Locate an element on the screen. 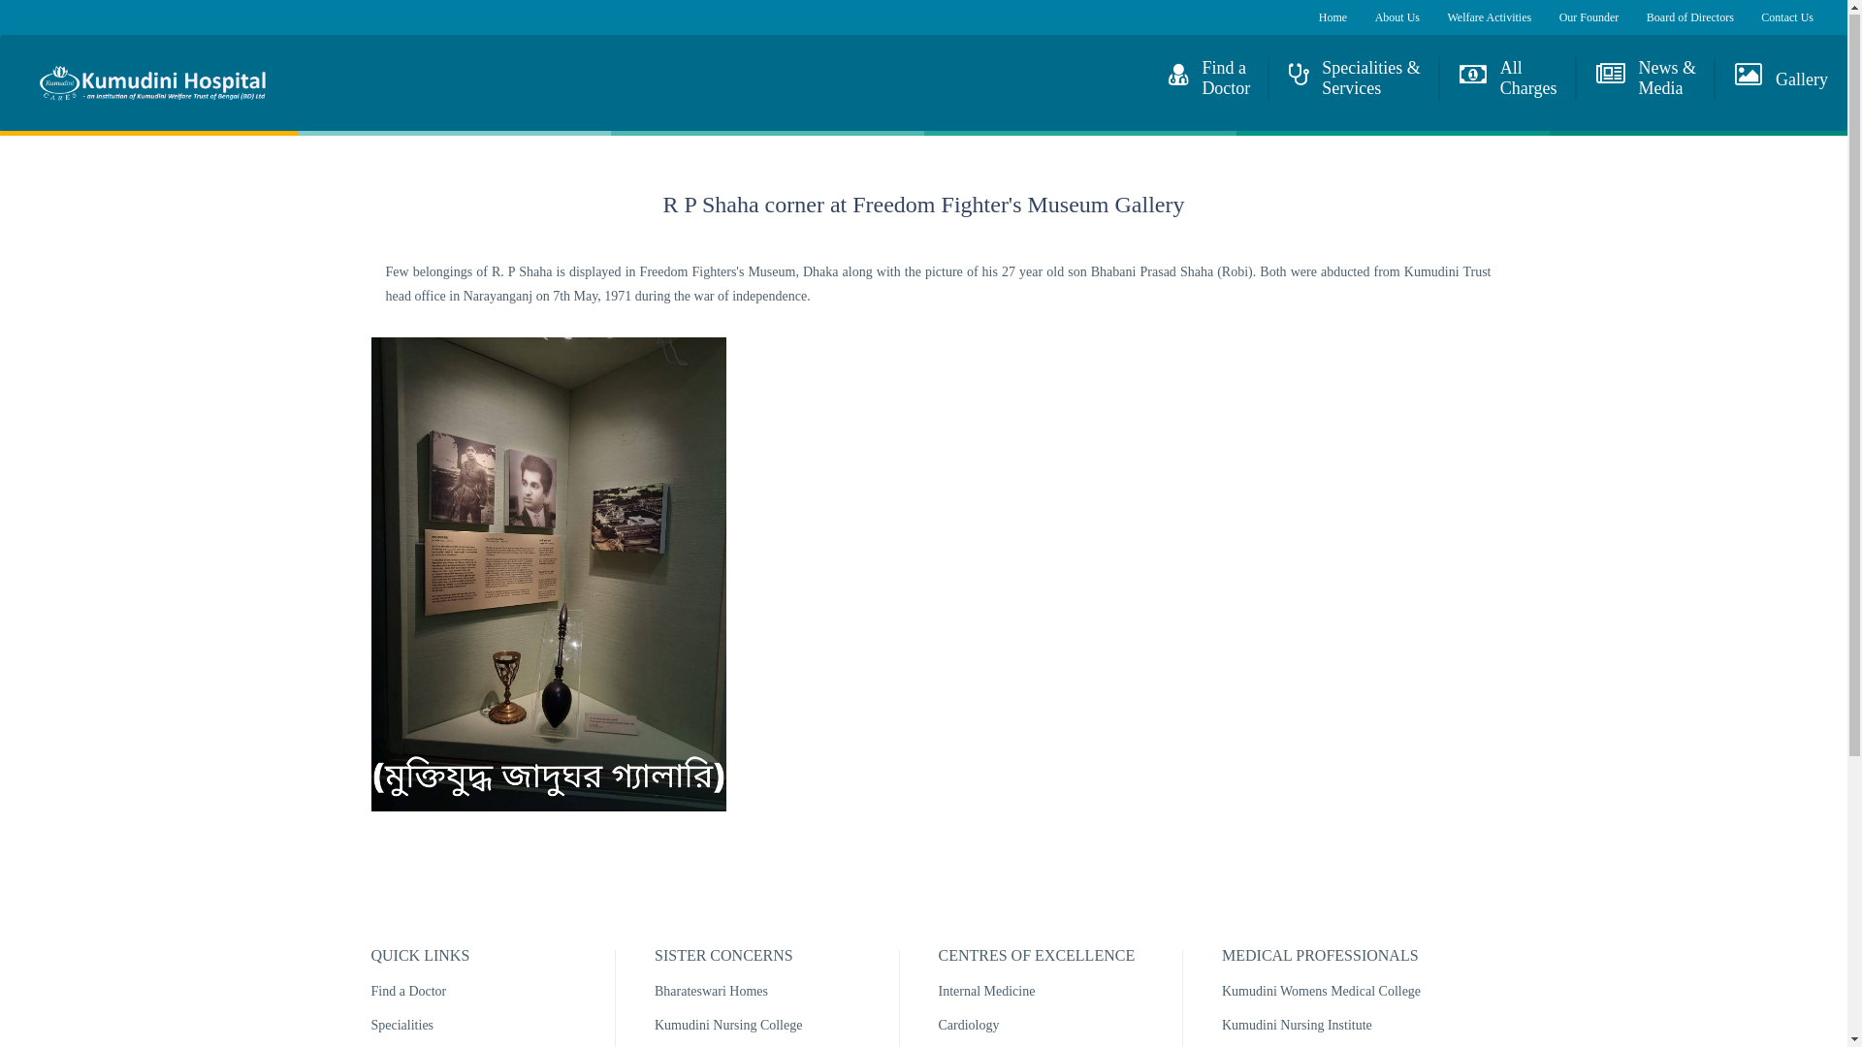 This screenshot has height=1047, width=1862. 'Kumudini Nursing College' is located at coordinates (655, 1026).